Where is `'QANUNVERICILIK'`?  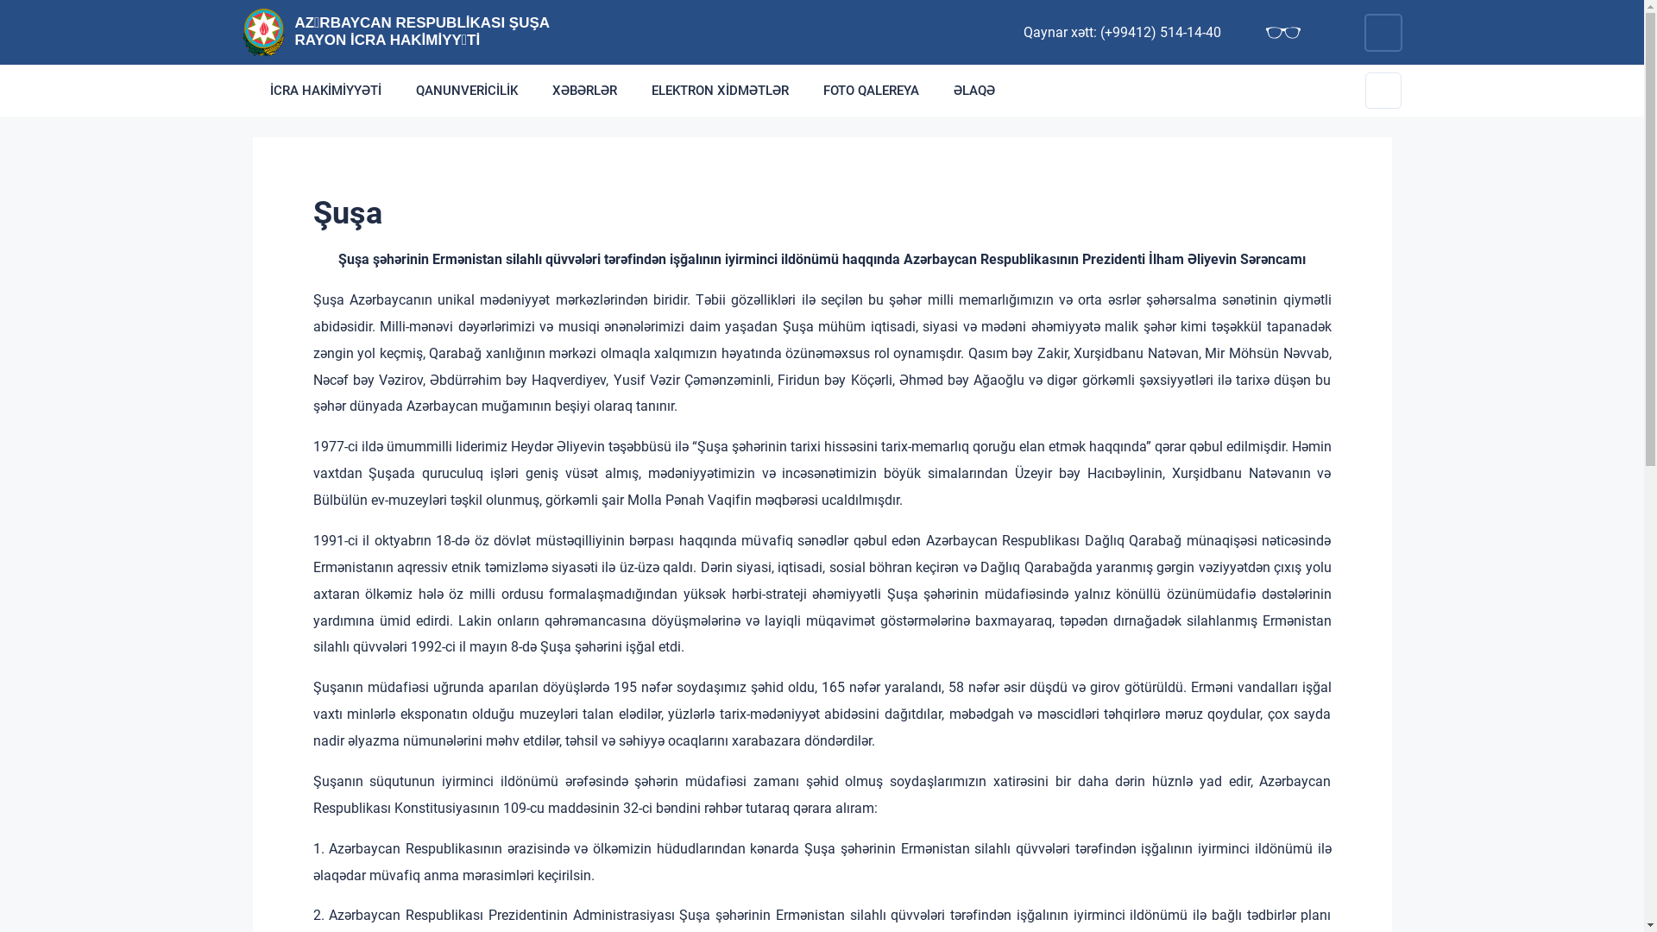 'QANUNVERICILIK' is located at coordinates (467, 90).